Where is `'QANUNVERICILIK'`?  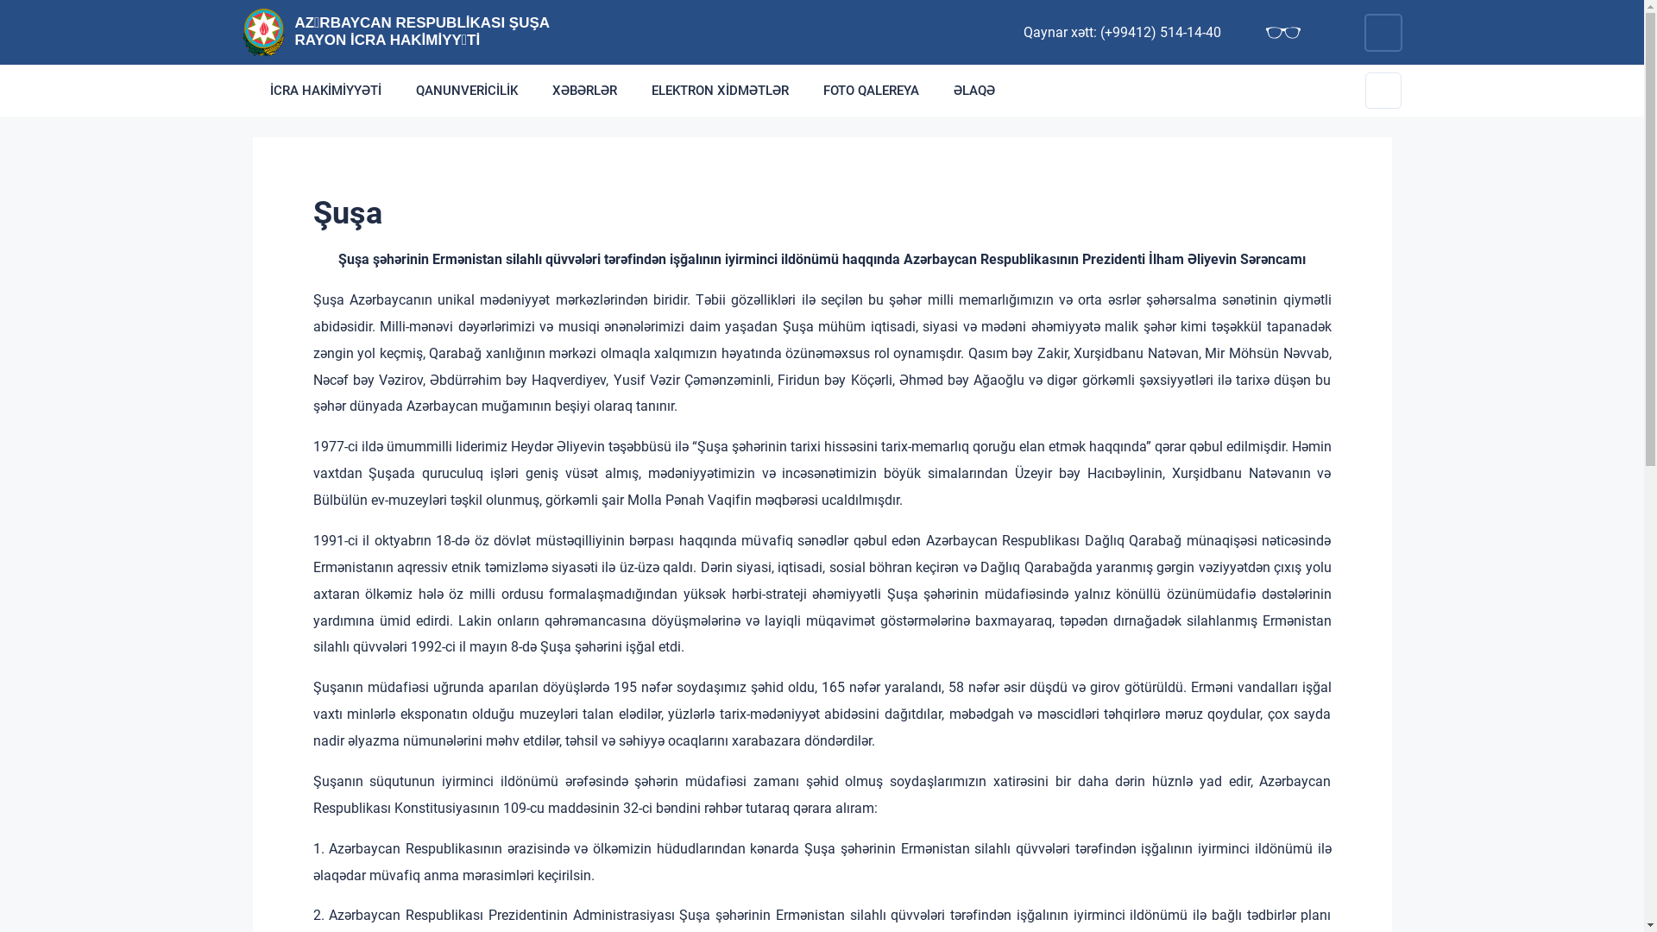 'QANUNVERICILIK' is located at coordinates (467, 90).